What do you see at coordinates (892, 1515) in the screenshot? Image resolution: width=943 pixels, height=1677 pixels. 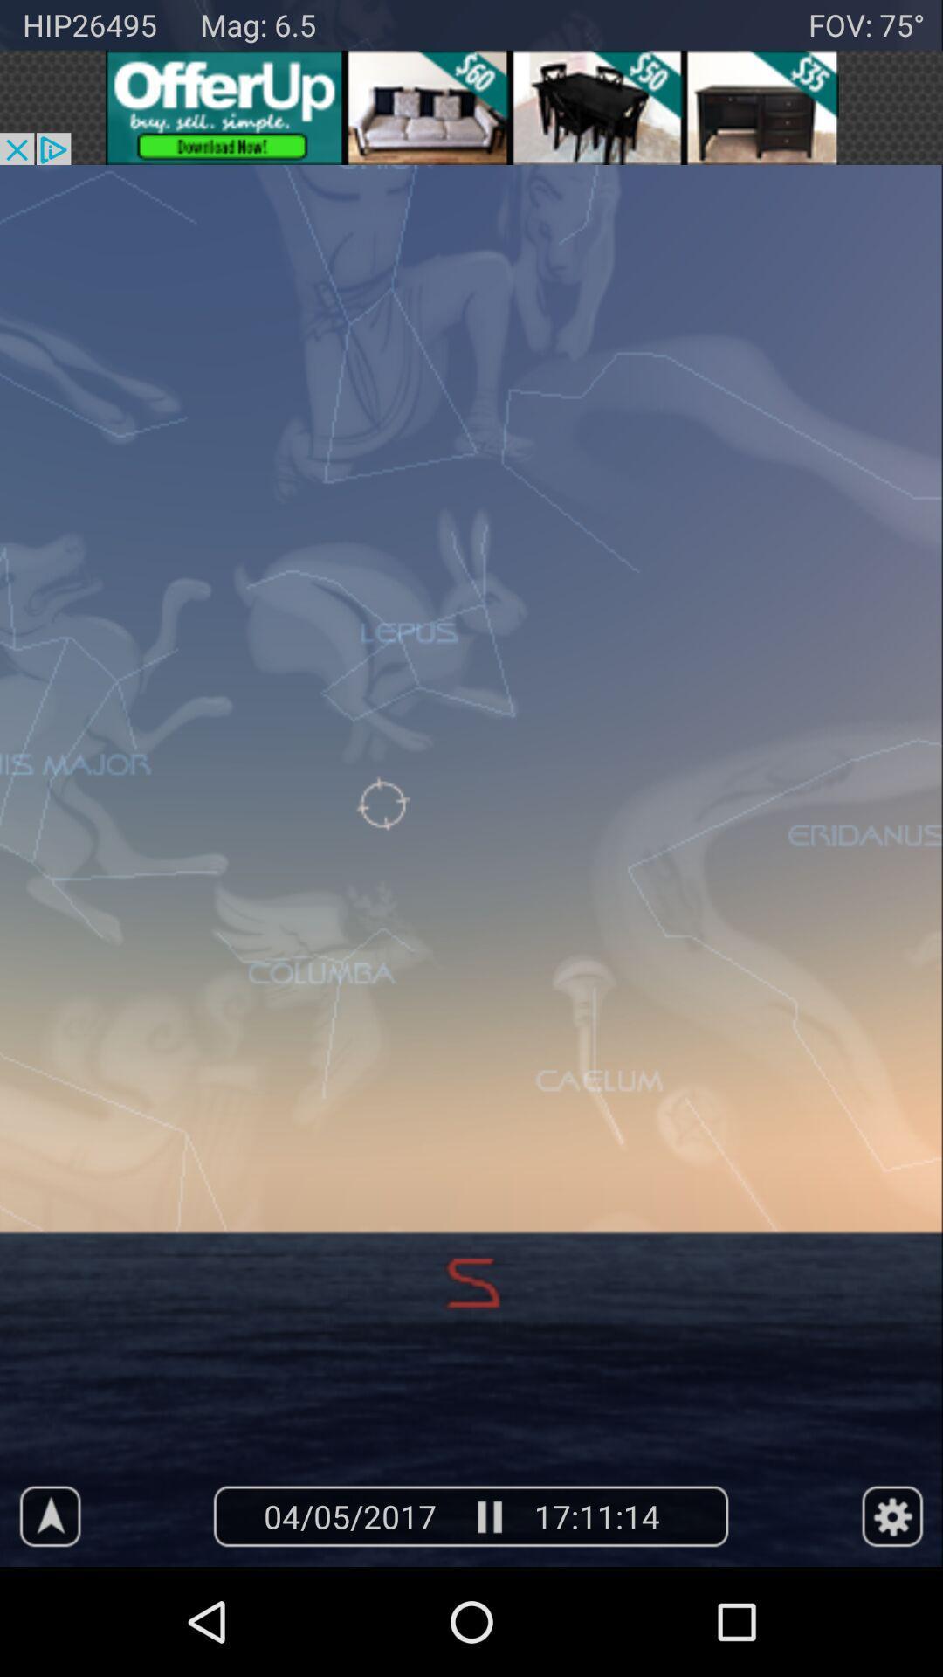 I see `open settings` at bounding box center [892, 1515].